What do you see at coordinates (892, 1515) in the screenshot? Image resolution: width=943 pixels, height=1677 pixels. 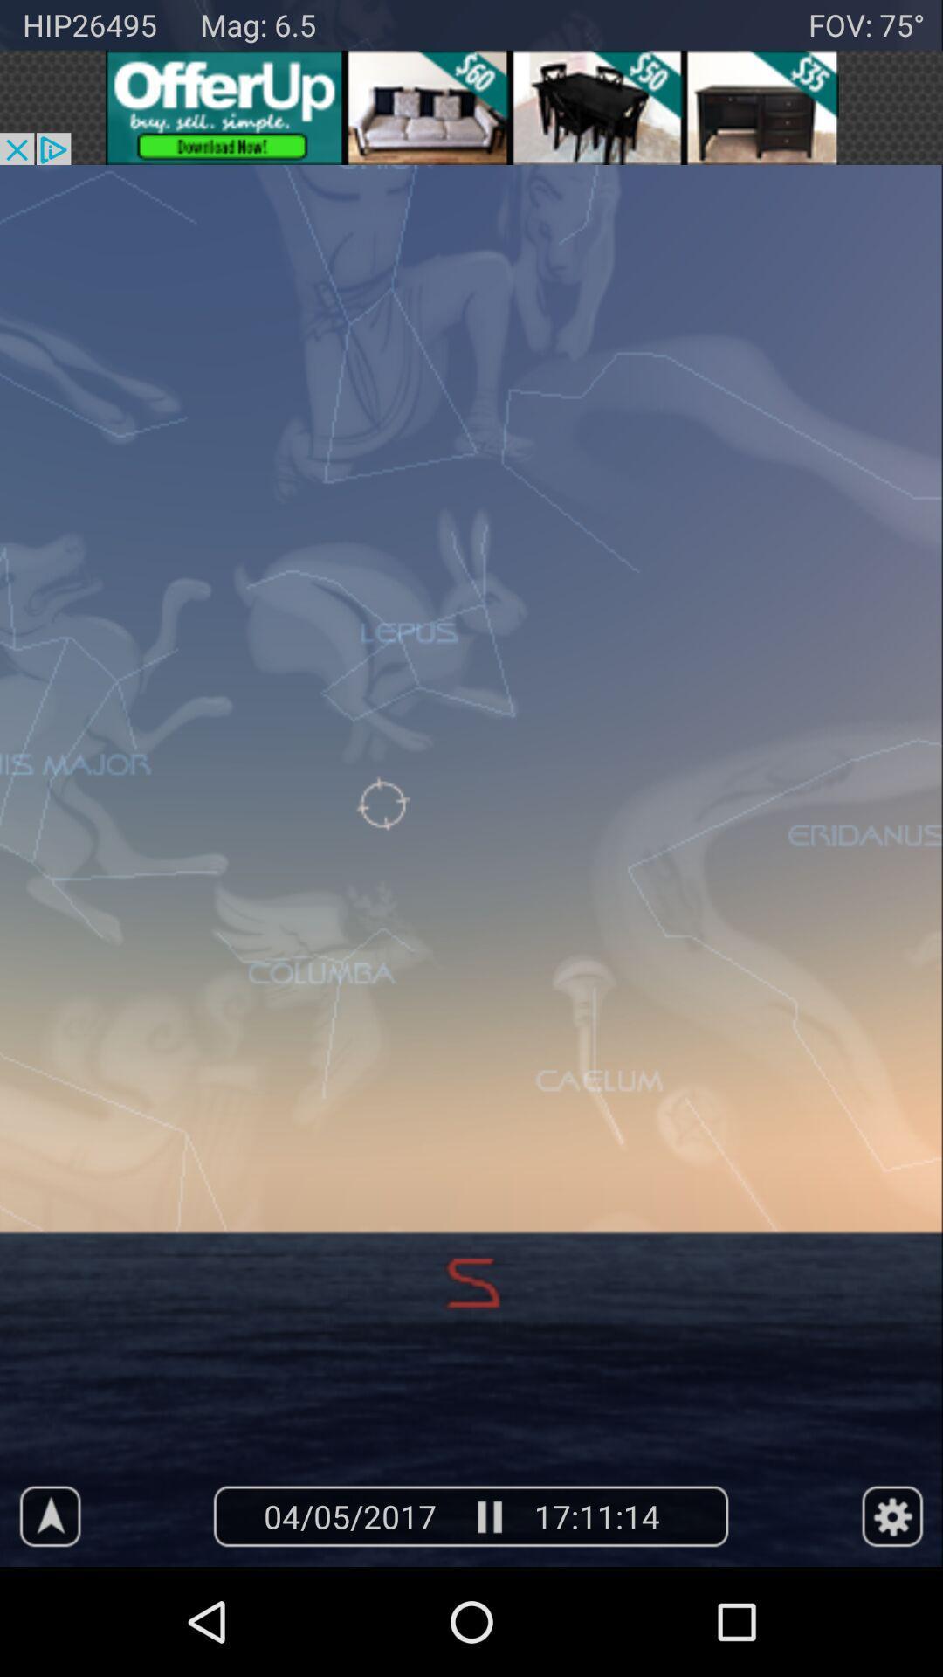 I see `open settings` at bounding box center [892, 1515].